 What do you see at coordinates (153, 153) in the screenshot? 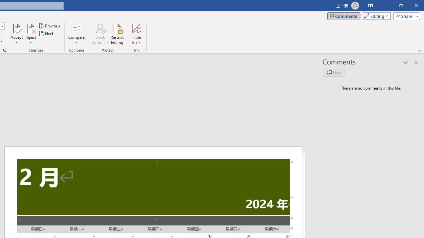
I see `'Header -Section 2-'` at bounding box center [153, 153].